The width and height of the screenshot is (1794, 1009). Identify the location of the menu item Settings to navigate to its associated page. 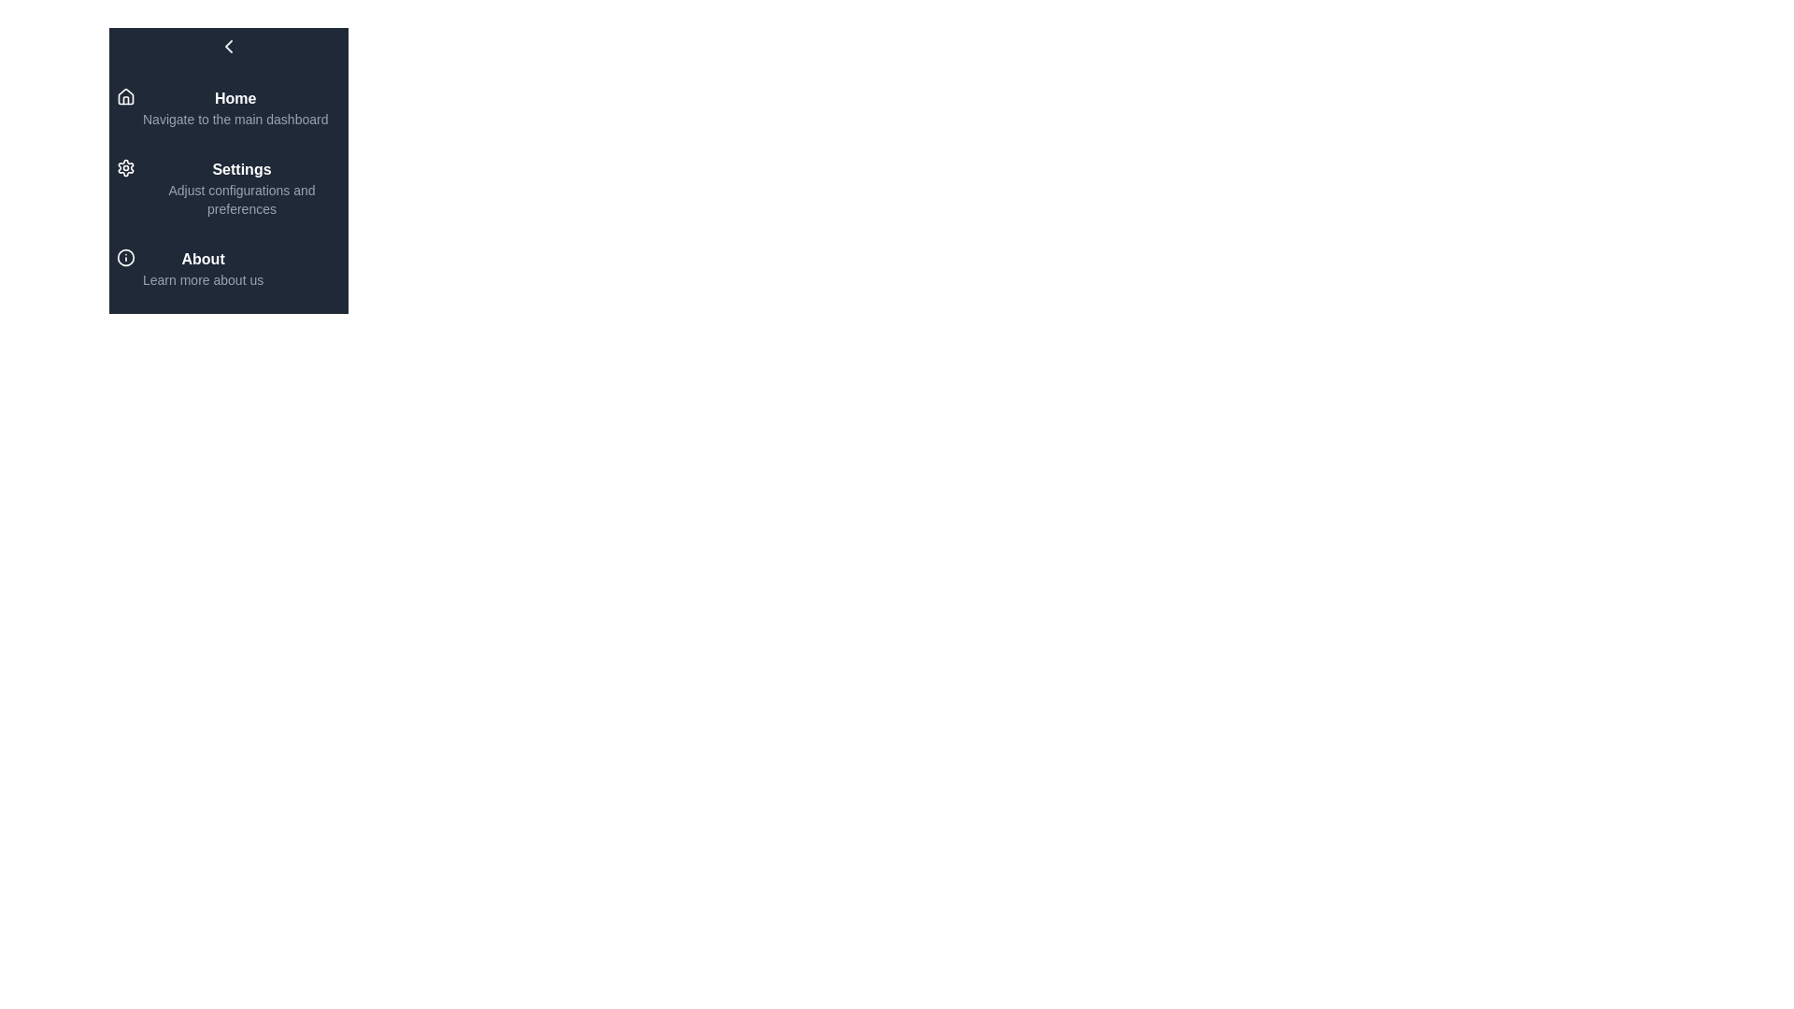
(227, 188).